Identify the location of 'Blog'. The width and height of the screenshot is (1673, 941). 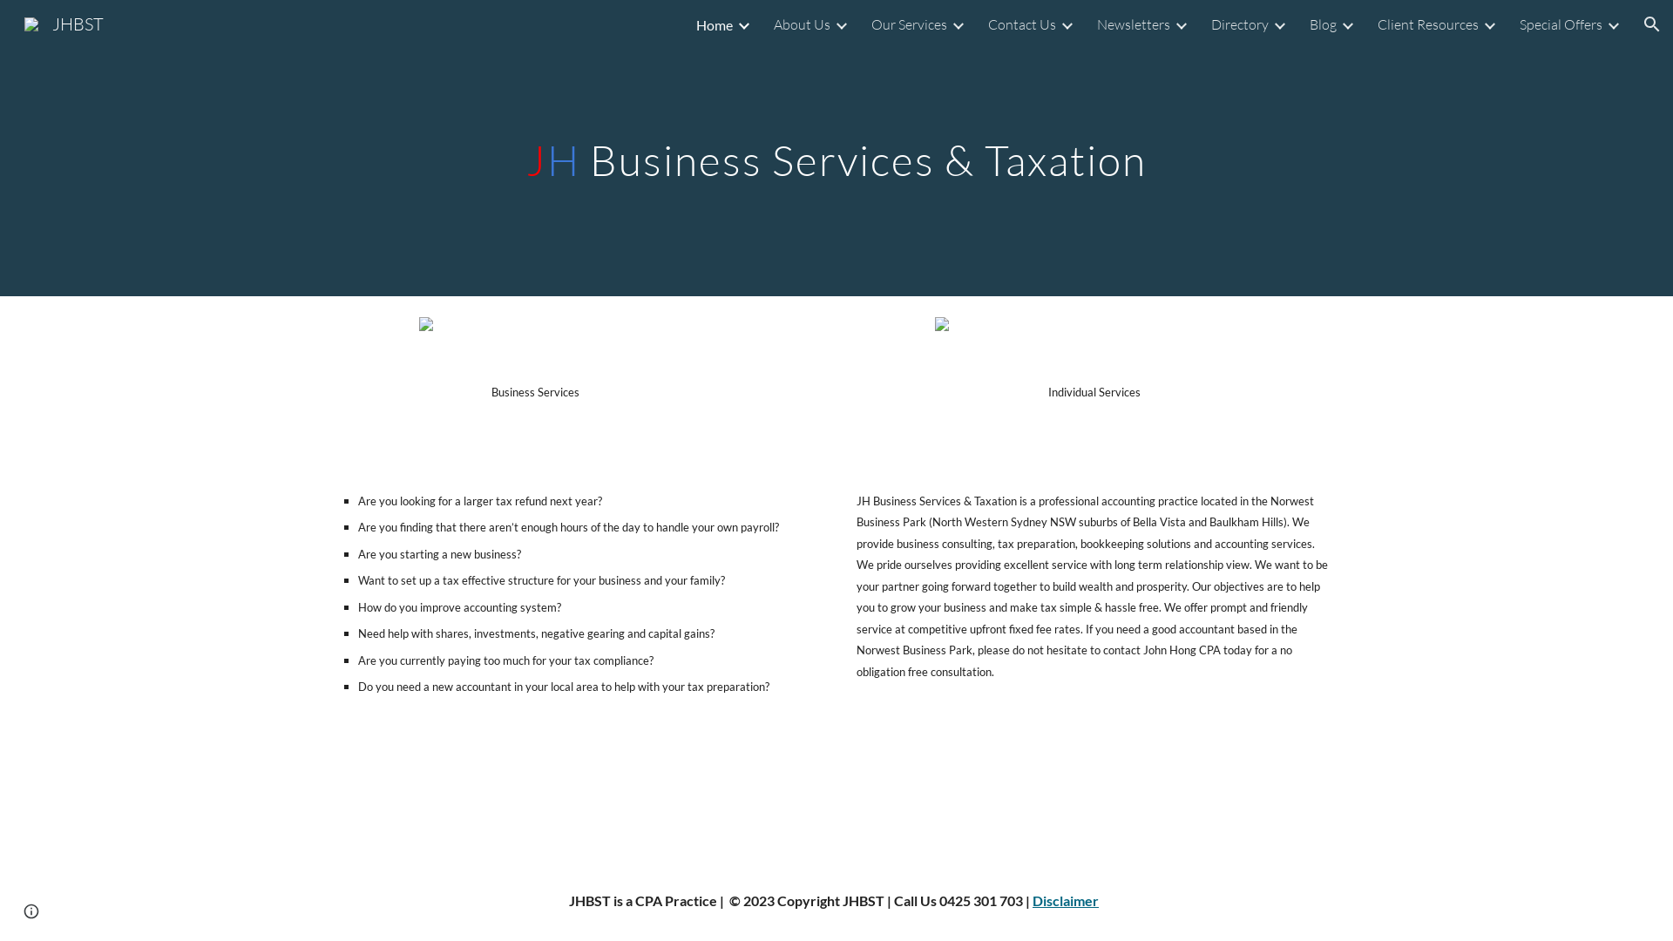
(1323, 24).